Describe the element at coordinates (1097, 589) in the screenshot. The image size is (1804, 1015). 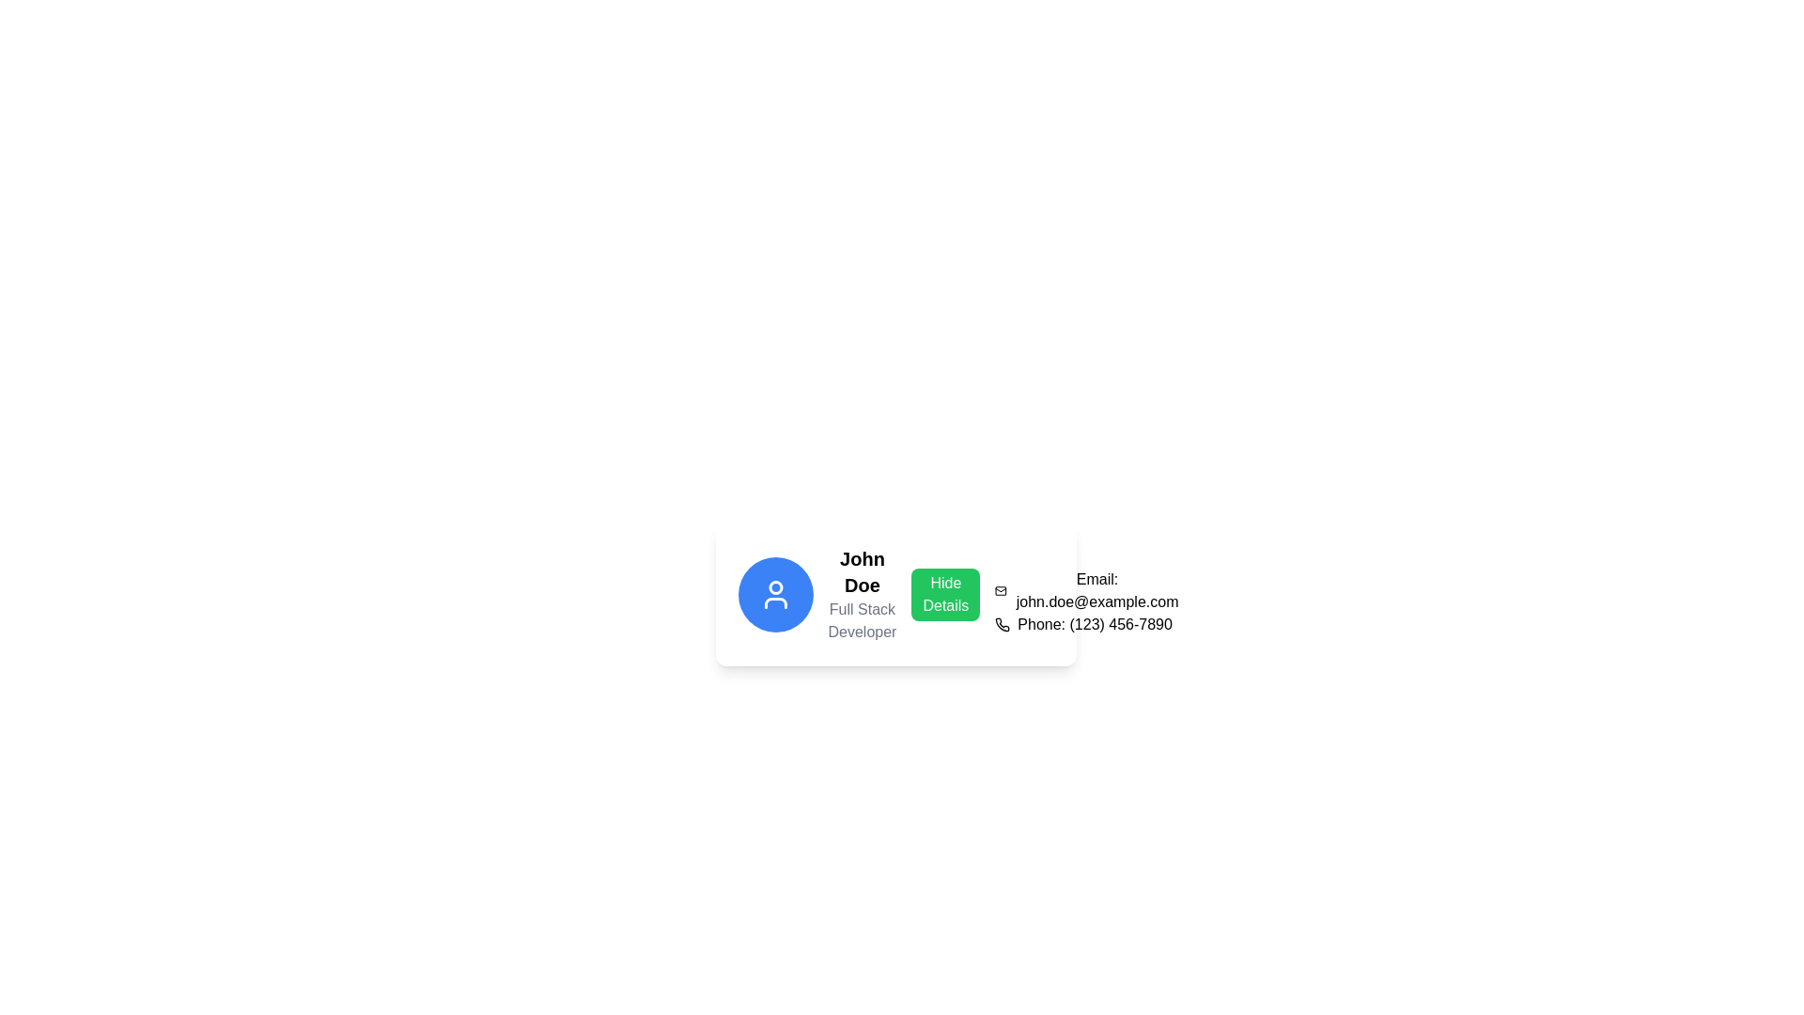
I see `the text element displaying the user's email address, located to the right of the 'Hide Details' button and below an envelope icon` at that location.